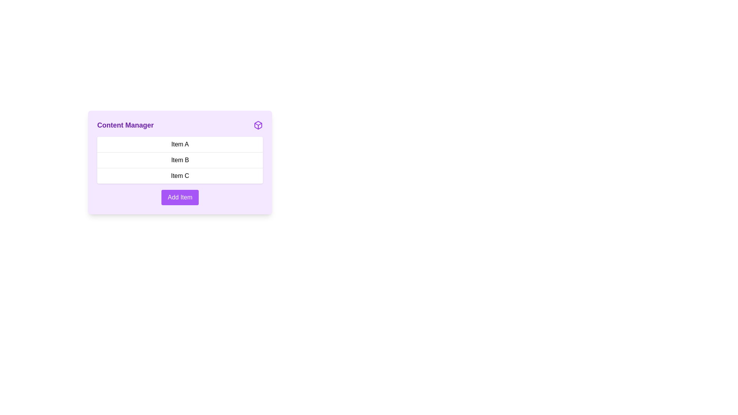 Image resolution: width=738 pixels, height=415 pixels. What do you see at coordinates (180, 197) in the screenshot?
I see `the button located in the 'Content Manager' section` at bounding box center [180, 197].